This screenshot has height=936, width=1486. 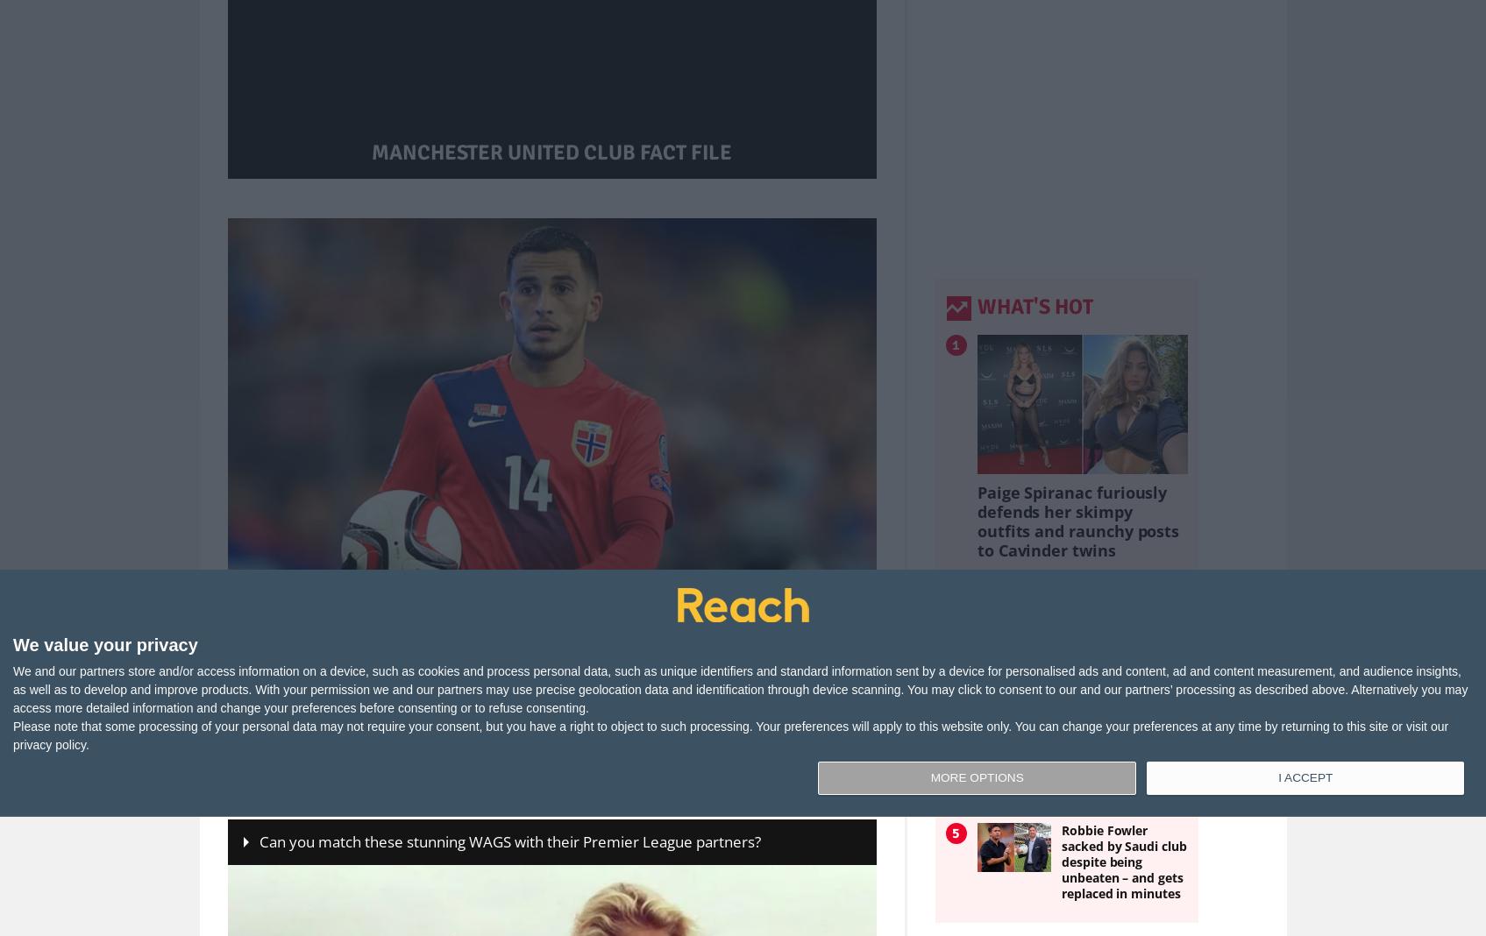 What do you see at coordinates (956, 670) in the screenshot?
I see `'3'` at bounding box center [956, 670].